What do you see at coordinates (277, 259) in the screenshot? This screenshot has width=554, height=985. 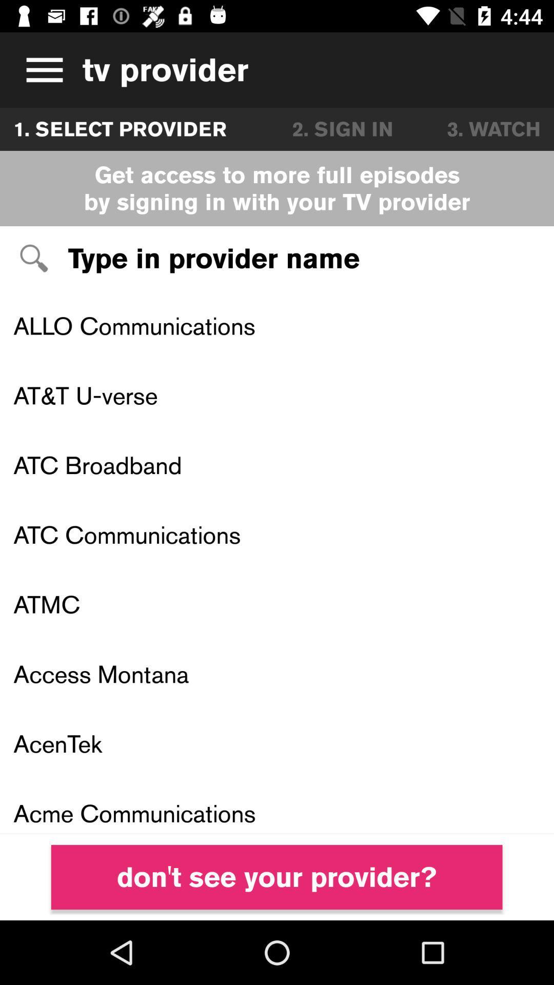 I see `type name` at bounding box center [277, 259].